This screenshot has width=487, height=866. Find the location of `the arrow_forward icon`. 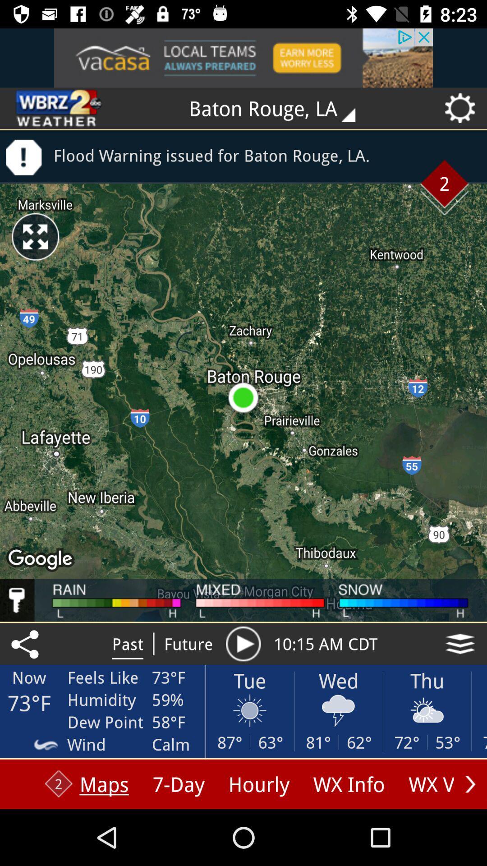

the arrow_forward icon is located at coordinates (470, 783).